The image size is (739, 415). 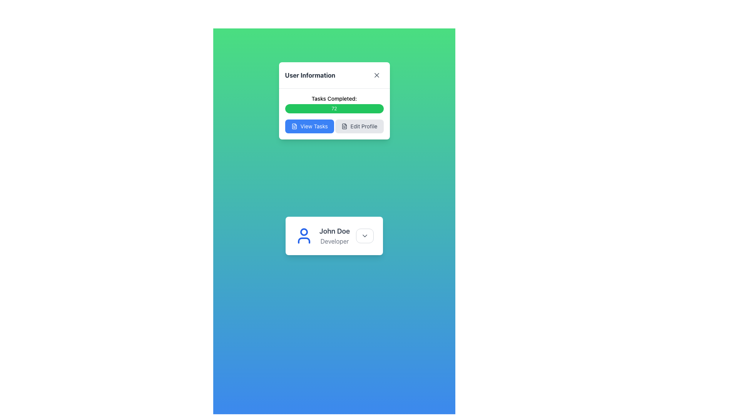 I want to click on the floating panel by interacting with the header that contains the title and action icon, so click(x=334, y=75).